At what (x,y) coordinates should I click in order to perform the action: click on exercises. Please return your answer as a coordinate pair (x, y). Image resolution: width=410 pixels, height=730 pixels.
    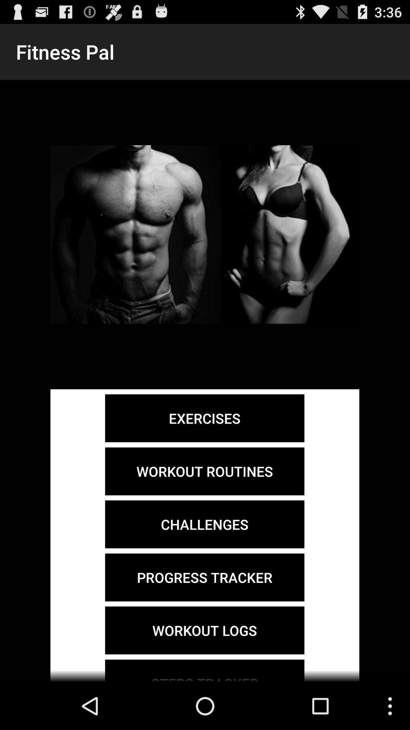
    Looking at the image, I should click on (204, 418).